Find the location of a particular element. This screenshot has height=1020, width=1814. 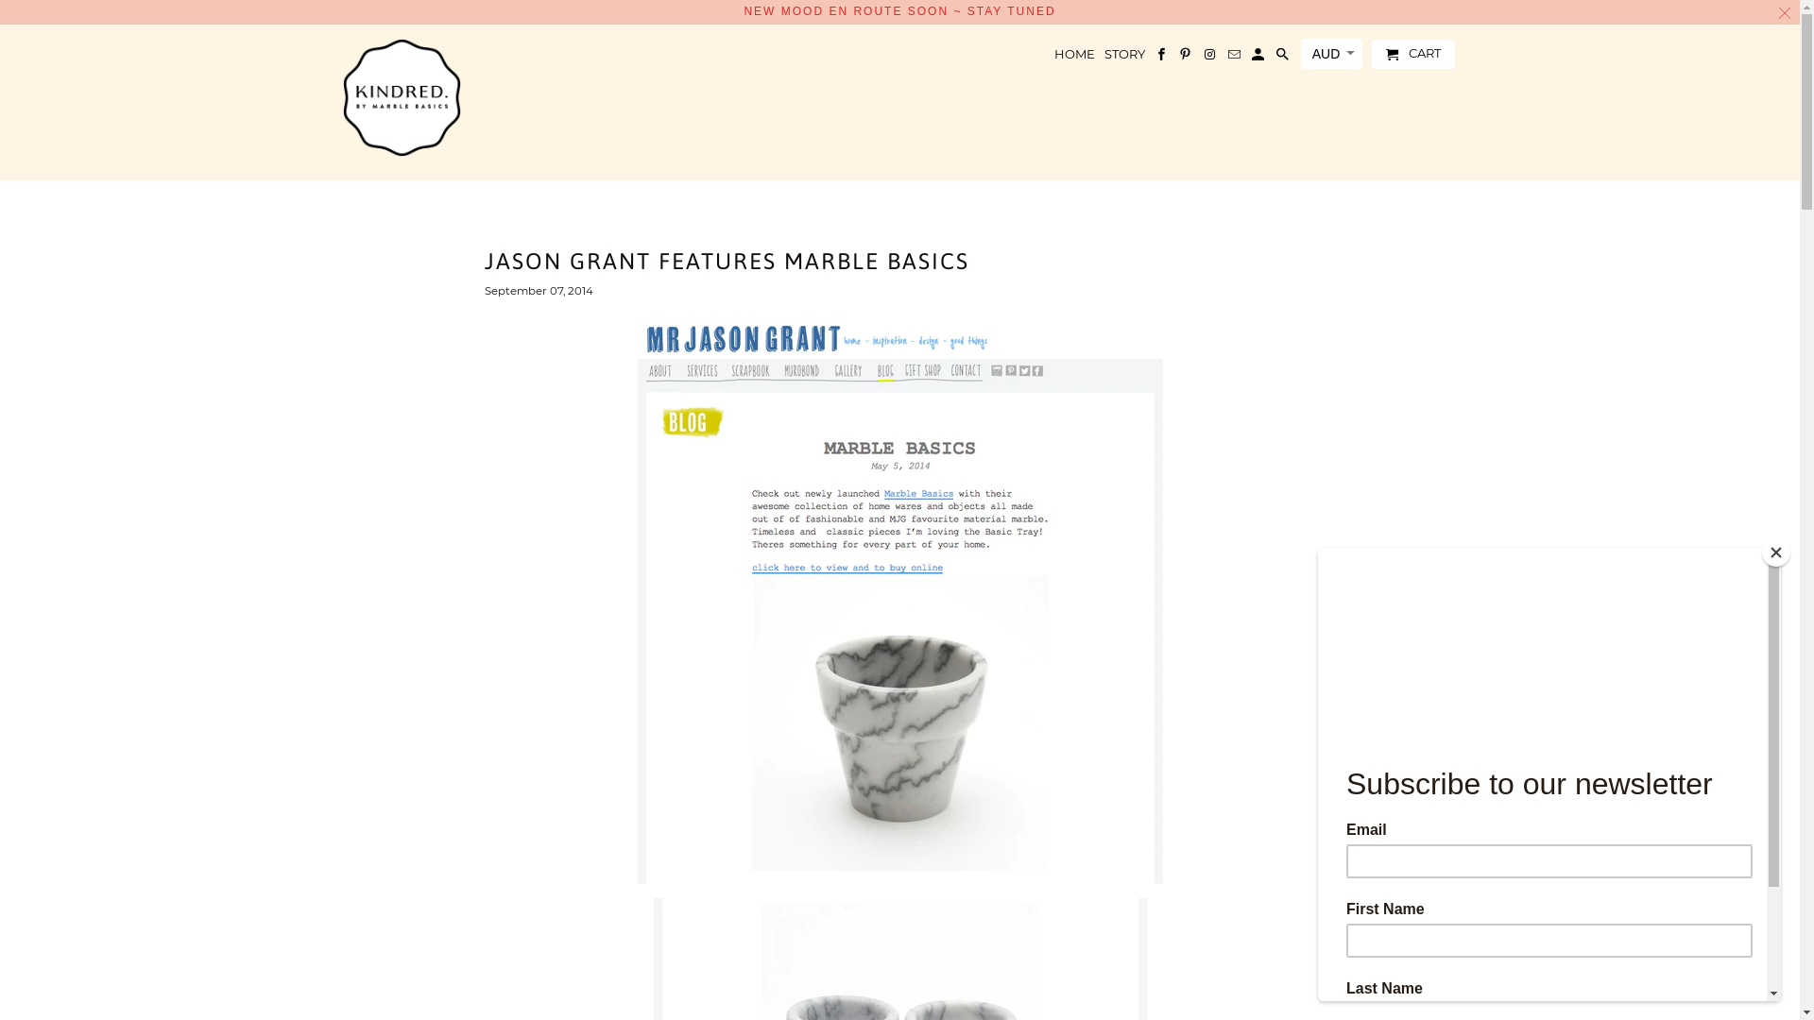

'My Account ' is located at coordinates (1251, 57).